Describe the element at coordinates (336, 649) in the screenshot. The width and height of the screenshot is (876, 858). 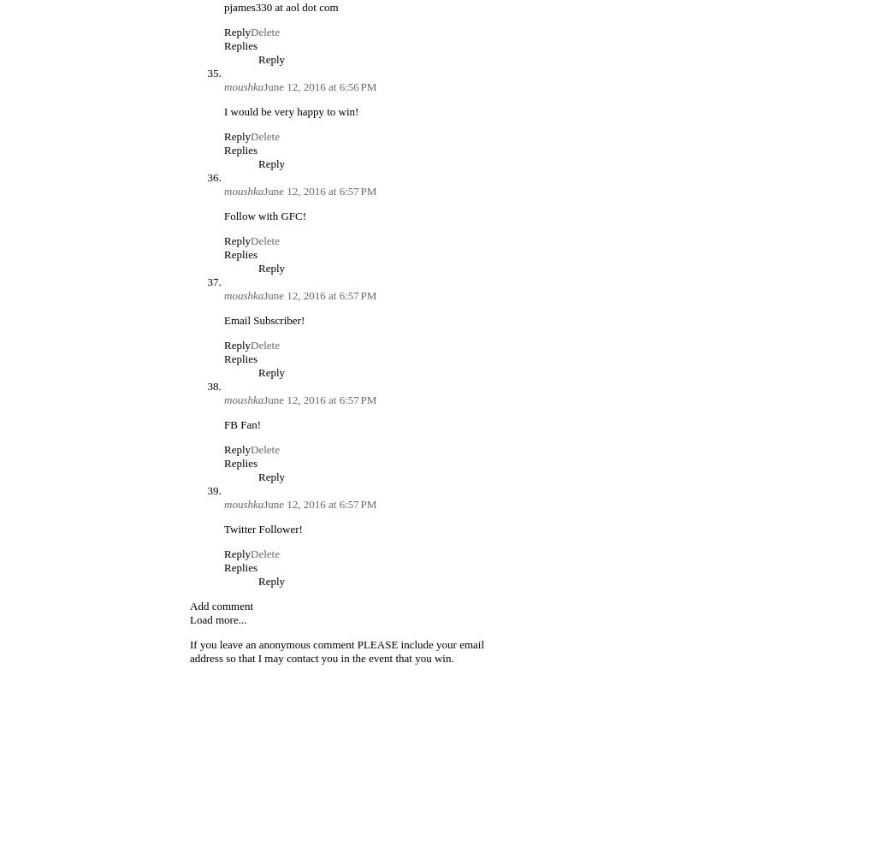
I see `'If you leave an anonymous comment PLEASE include your email address so that I may contact you in the event that you win.'` at that location.